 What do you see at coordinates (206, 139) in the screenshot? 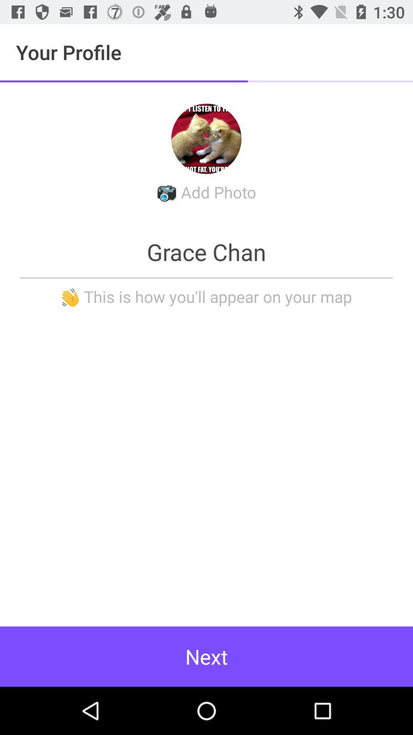
I see `the avatar icon` at bounding box center [206, 139].